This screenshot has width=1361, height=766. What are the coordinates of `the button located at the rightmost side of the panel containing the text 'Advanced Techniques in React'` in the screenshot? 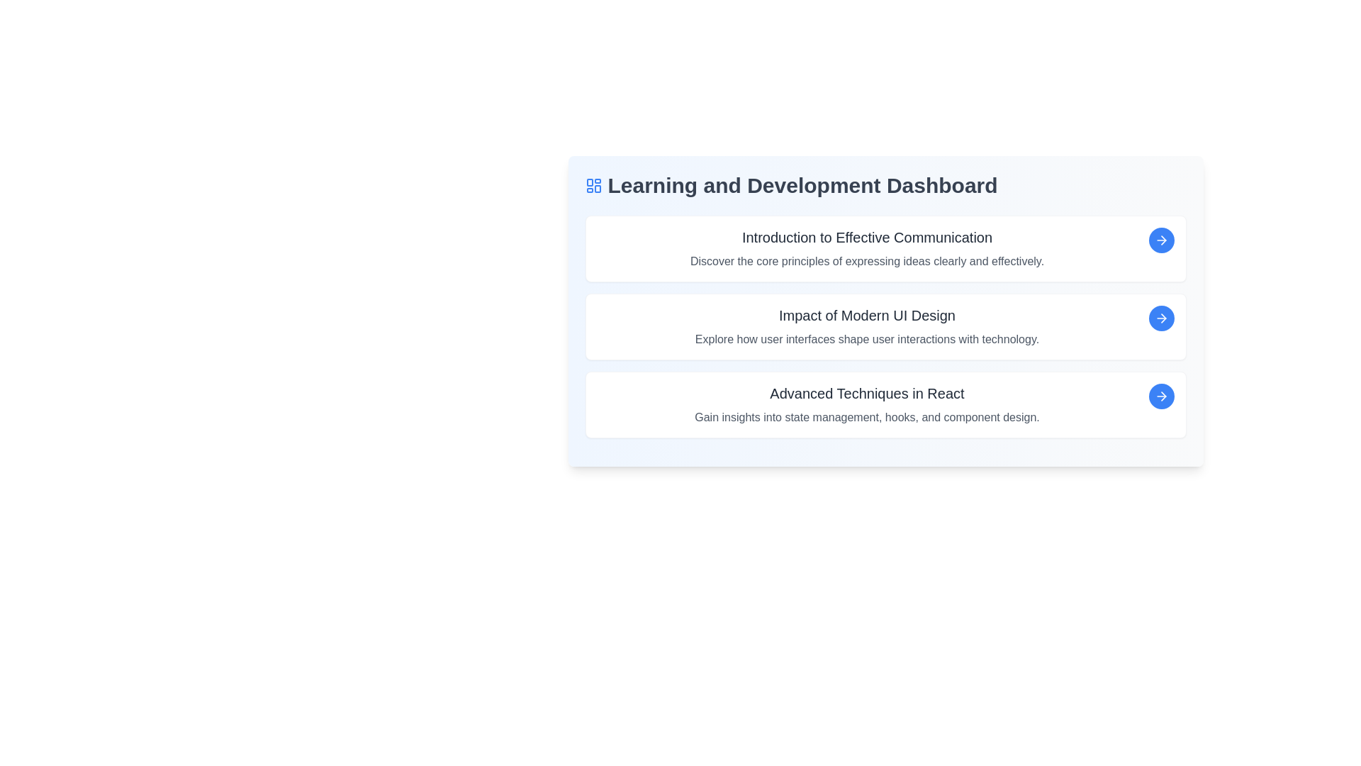 It's located at (1161, 396).